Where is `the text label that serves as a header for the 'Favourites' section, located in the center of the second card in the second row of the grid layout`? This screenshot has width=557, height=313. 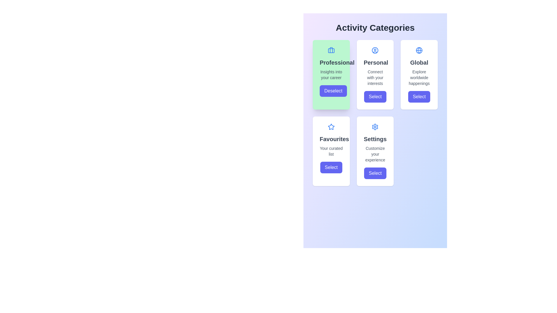 the text label that serves as a header for the 'Favourites' section, located in the center of the second card in the second row of the grid layout is located at coordinates (331, 139).